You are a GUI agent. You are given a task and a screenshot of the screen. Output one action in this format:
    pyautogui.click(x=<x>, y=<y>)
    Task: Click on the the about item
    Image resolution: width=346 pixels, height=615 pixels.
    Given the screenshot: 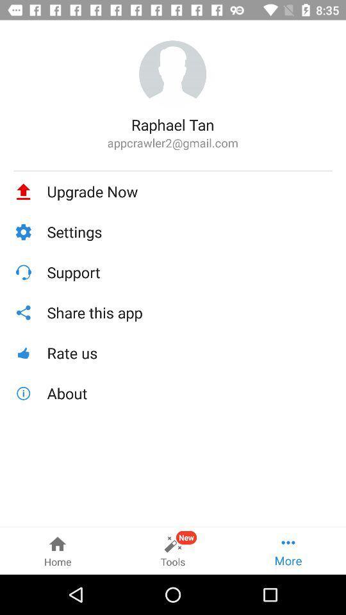 What is the action you would take?
    pyautogui.click(x=189, y=393)
    